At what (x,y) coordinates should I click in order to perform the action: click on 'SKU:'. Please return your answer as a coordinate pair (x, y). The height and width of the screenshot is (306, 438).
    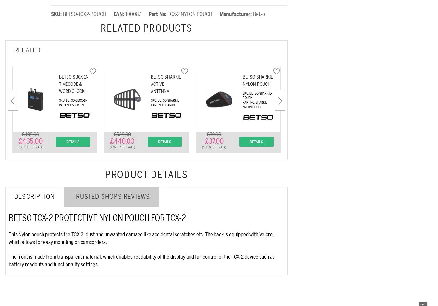
    Looking at the image, I should click on (57, 14).